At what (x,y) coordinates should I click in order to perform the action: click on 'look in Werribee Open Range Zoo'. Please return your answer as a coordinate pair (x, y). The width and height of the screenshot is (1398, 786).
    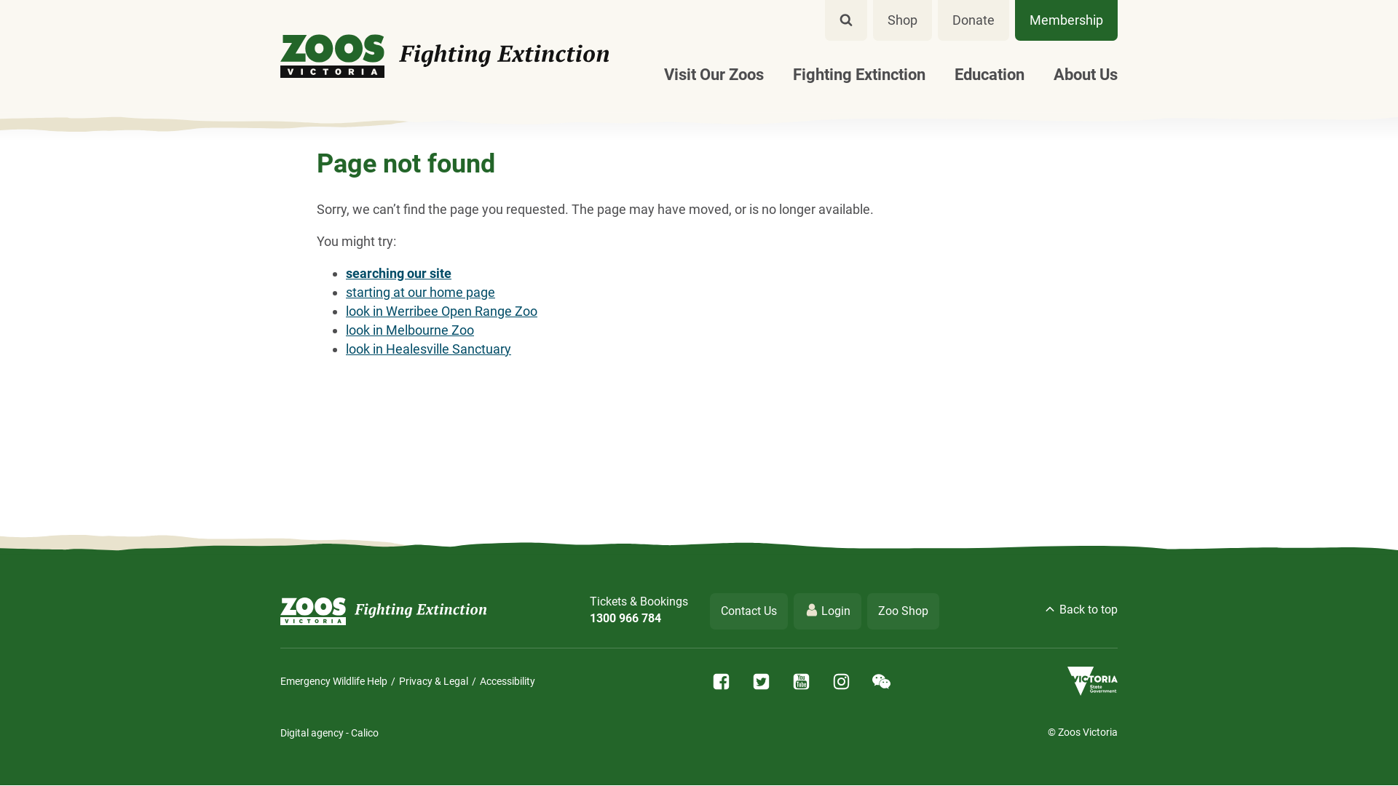
    Looking at the image, I should click on (441, 310).